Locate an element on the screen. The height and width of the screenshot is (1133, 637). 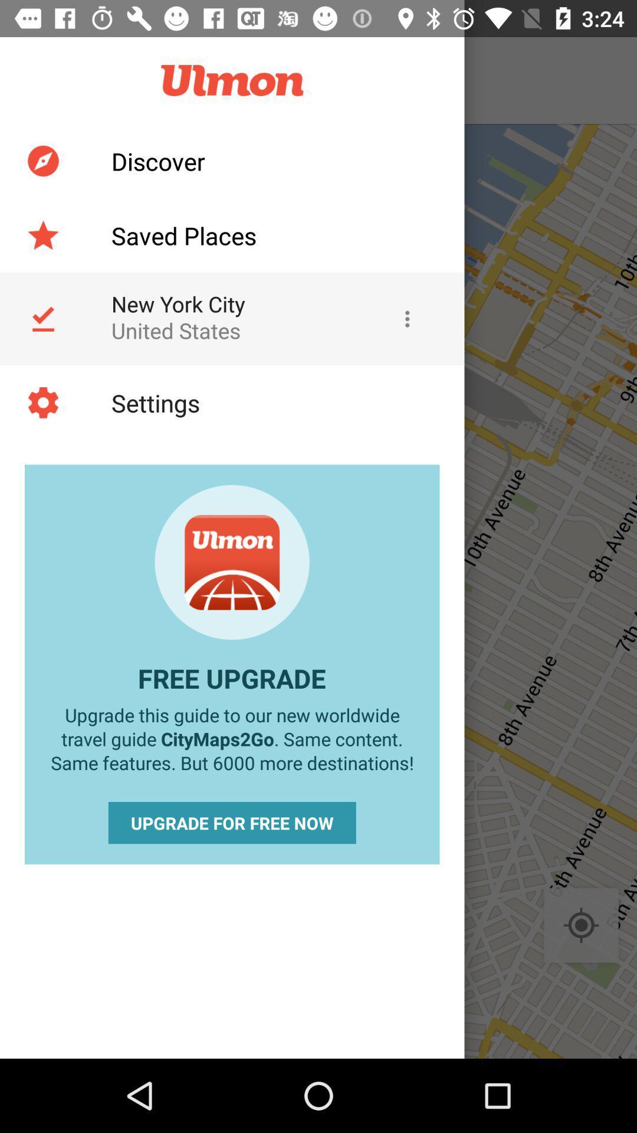
the icon beside discover is located at coordinates (42, 161).